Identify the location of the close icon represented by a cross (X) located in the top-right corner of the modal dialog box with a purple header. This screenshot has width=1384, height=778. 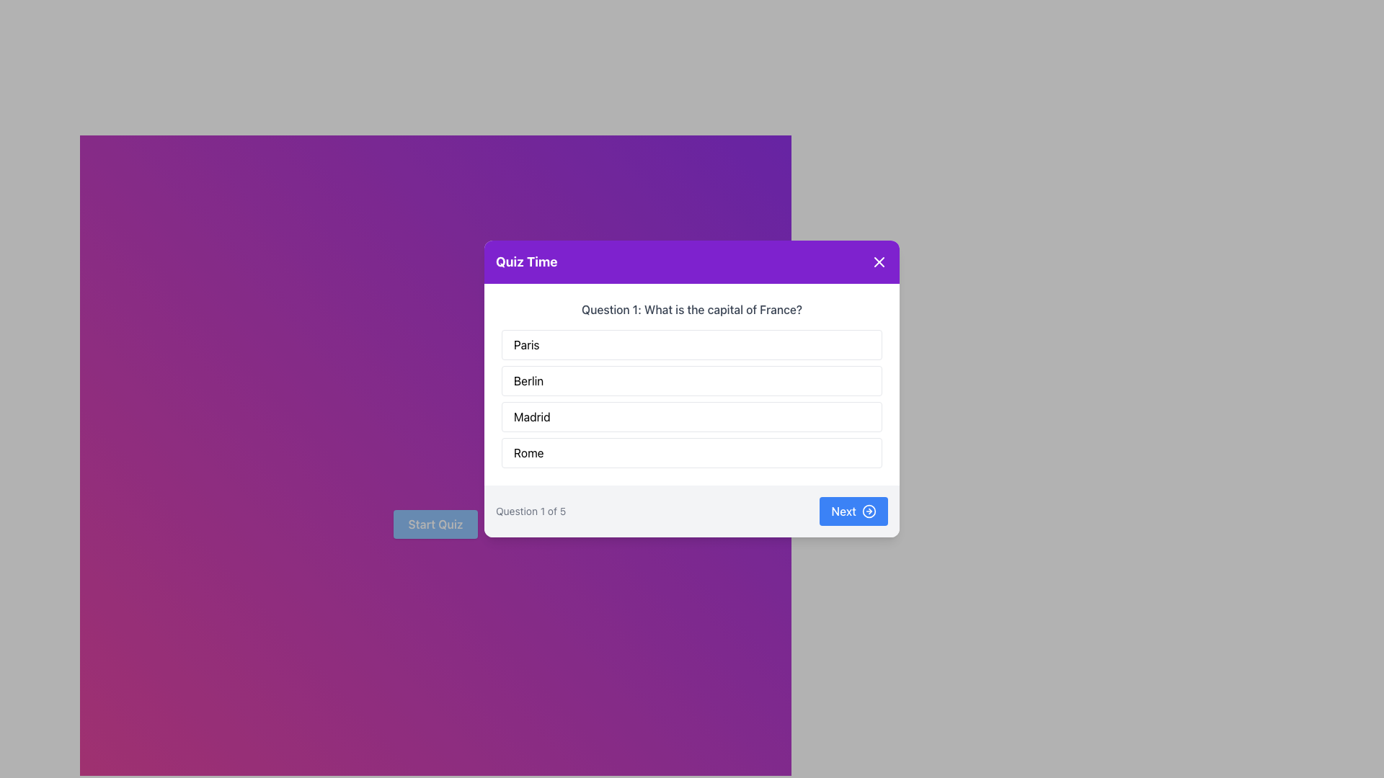
(878, 261).